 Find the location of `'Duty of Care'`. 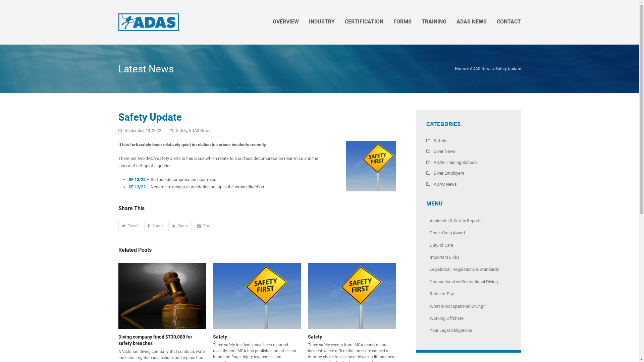

'Duty of Care' is located at coordinates (468, 245).